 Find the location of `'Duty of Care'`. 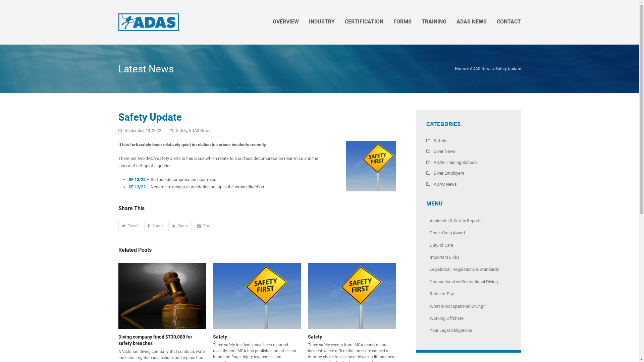

'Duty of Care' is located at coordinates (468, 245).